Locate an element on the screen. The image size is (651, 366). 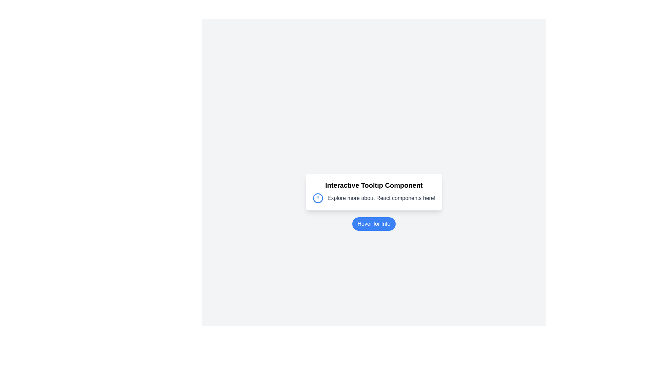
the circular icon with a blue border and an exclamation mark, located to the left of the text 'Explore more about React components here!' is located at coordinates (317, 198).